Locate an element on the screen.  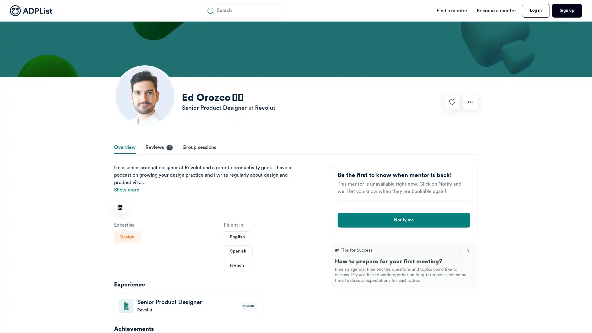
Notify me is located at coordinates (404, 220).